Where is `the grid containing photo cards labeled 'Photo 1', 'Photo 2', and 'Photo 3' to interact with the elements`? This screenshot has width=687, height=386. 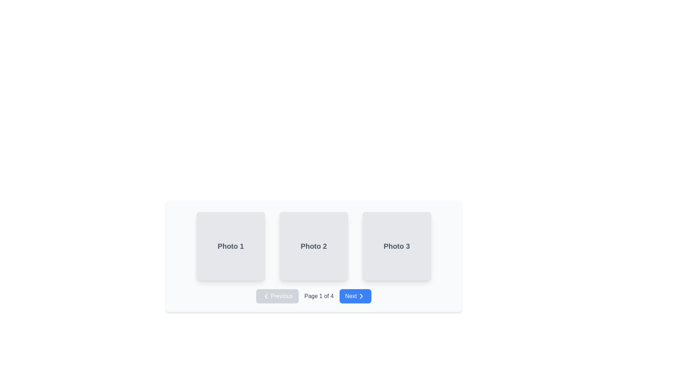 the grid containing photo cards labeled 'Photo 1', 'Photo 2', and 'Photo 3' to interact with the elements is located at coordinates (314, 246).